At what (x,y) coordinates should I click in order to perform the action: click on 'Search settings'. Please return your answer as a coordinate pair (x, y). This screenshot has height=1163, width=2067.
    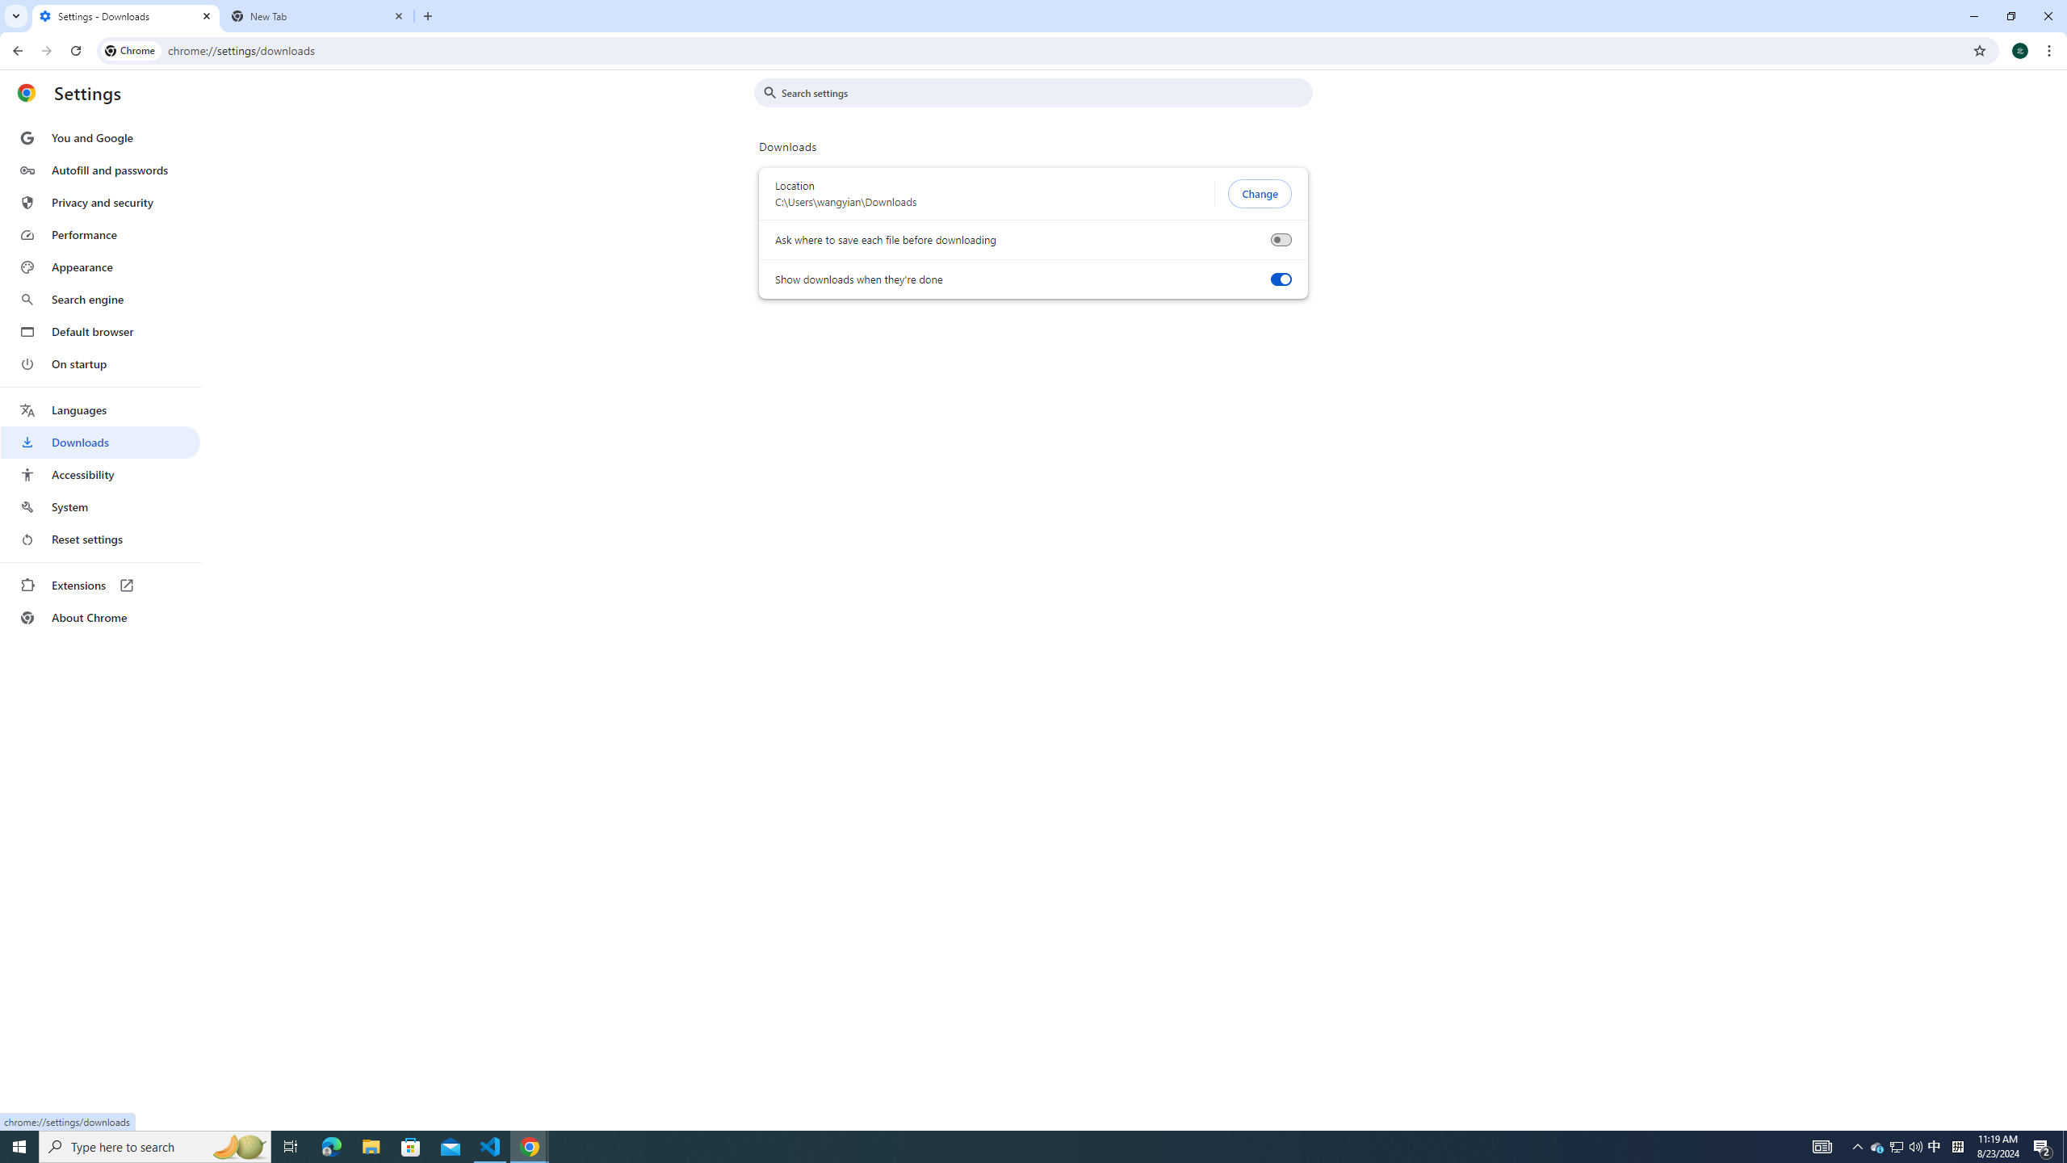
    Looking at the image, I should click on (1044, 92).